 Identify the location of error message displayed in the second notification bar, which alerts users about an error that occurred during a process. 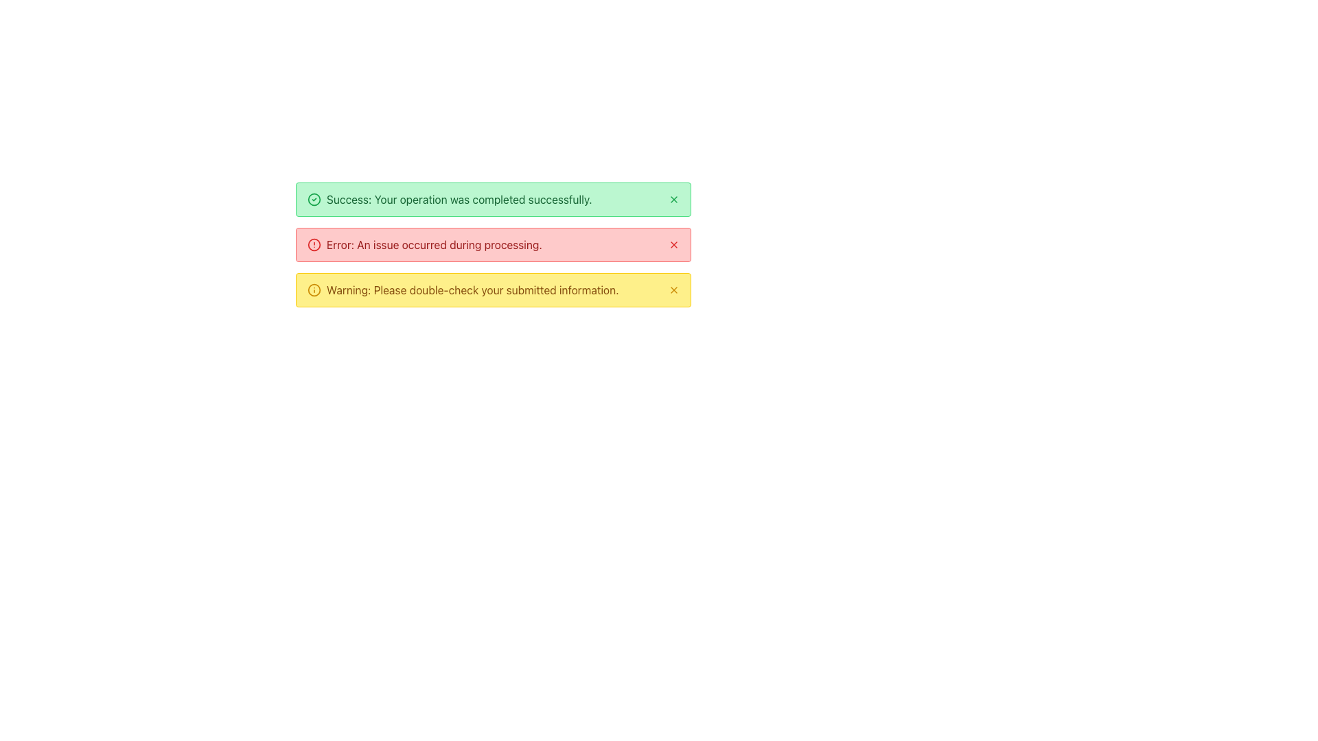
(494, 244).